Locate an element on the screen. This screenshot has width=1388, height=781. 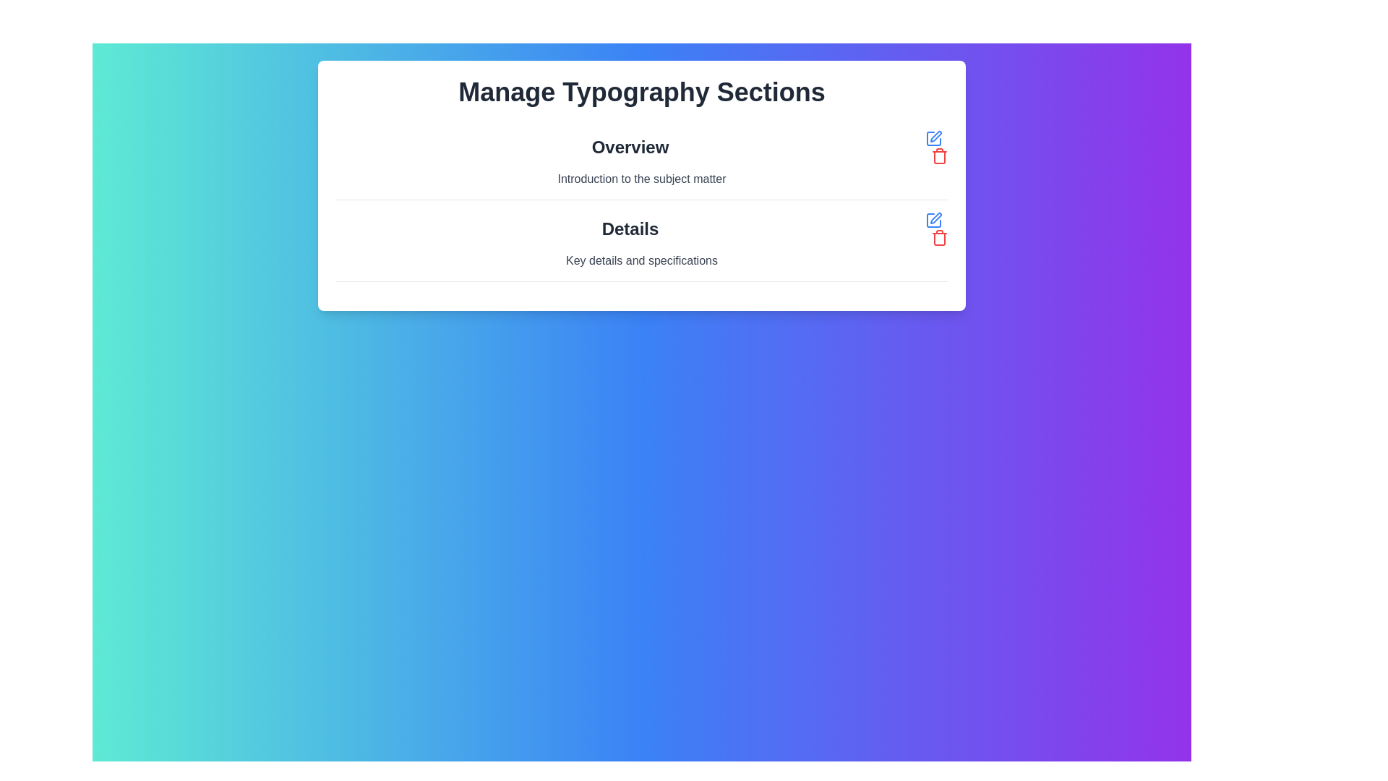
the primary Text label that identifies the content of the section, located under the 'Overview' section and above the 'Key details and specifications' subheading is located at coordinates (641, 228).